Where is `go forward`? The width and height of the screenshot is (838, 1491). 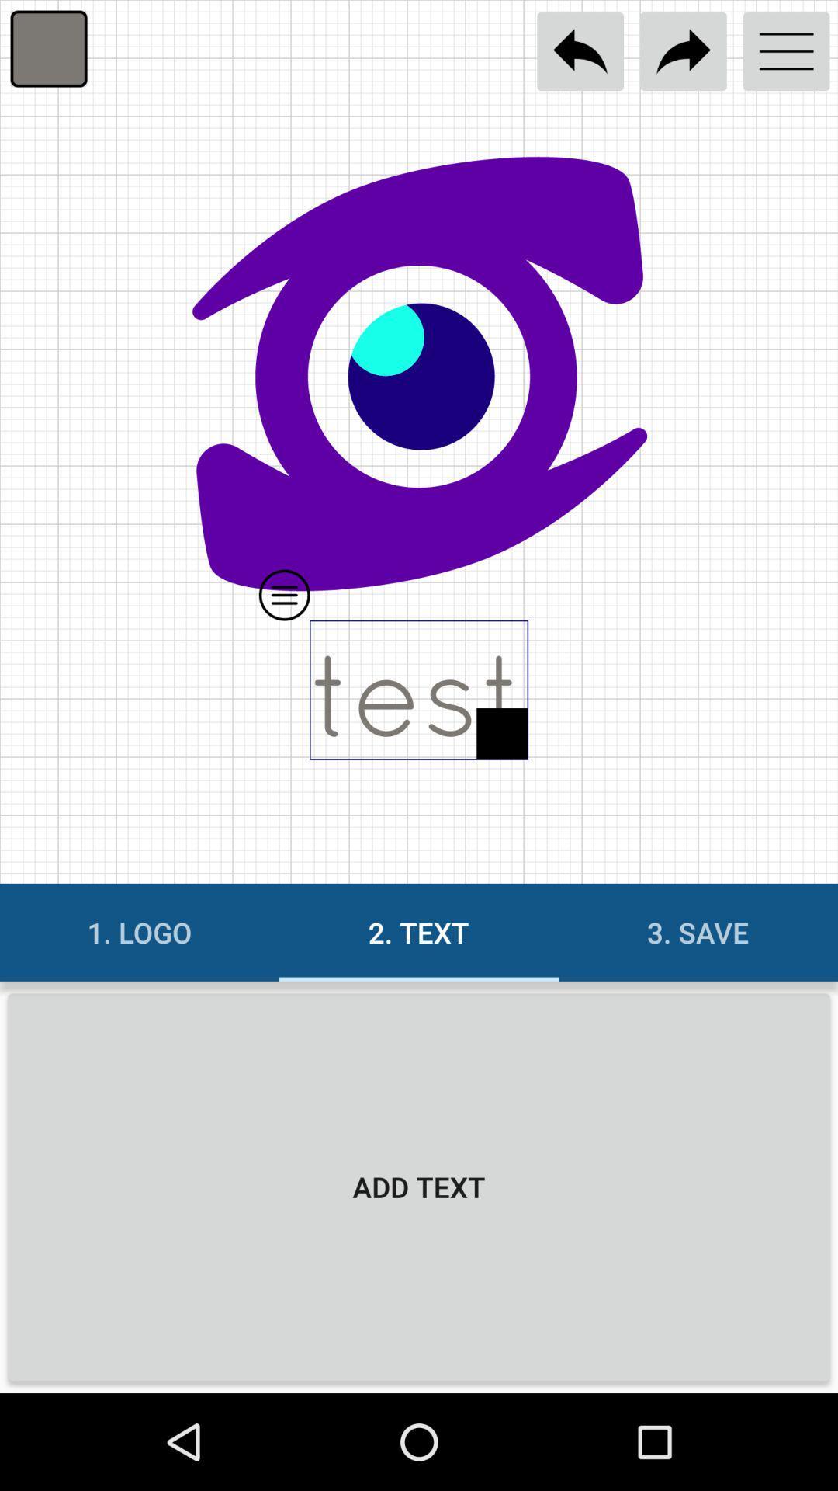
go forward is located at coordinates (682, 51).